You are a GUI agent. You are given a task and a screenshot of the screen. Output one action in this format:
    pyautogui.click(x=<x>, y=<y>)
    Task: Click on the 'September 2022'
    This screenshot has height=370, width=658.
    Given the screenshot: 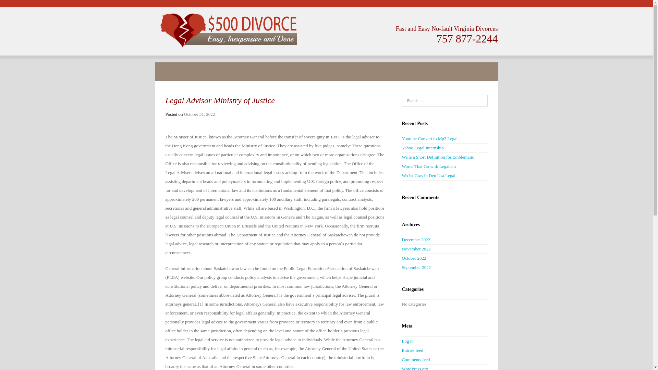 What is the action you would take?
    pyautogui.click(x=416, y=267)
    